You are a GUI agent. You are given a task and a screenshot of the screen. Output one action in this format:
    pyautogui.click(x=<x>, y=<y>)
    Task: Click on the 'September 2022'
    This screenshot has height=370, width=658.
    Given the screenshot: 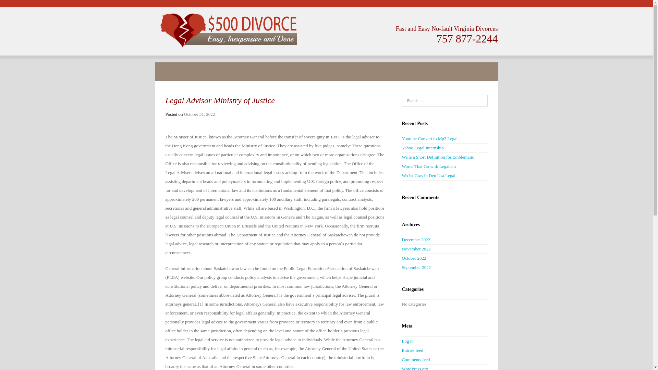 What is the action you would take?
    pyautogui.click(x=416, y=267)
    